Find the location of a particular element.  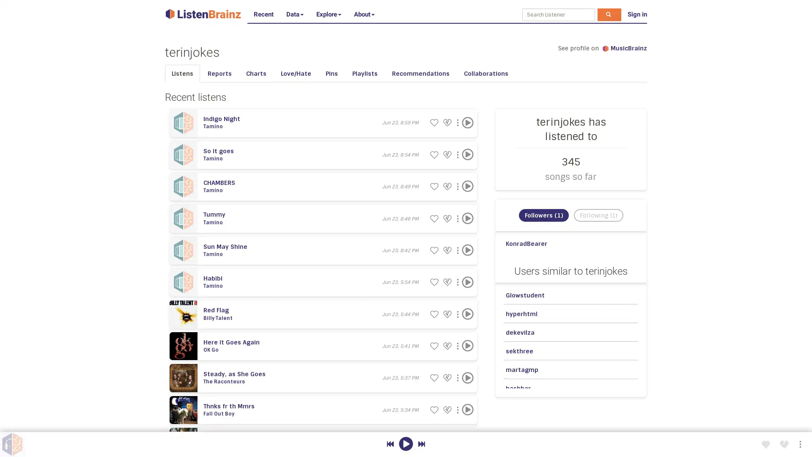

Play is located at coordinates (467, 346).